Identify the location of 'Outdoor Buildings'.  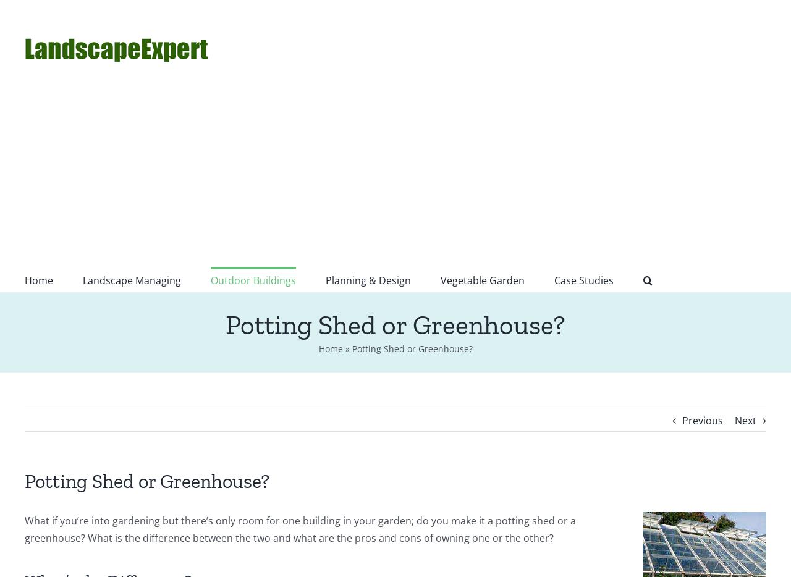
(252, 280).